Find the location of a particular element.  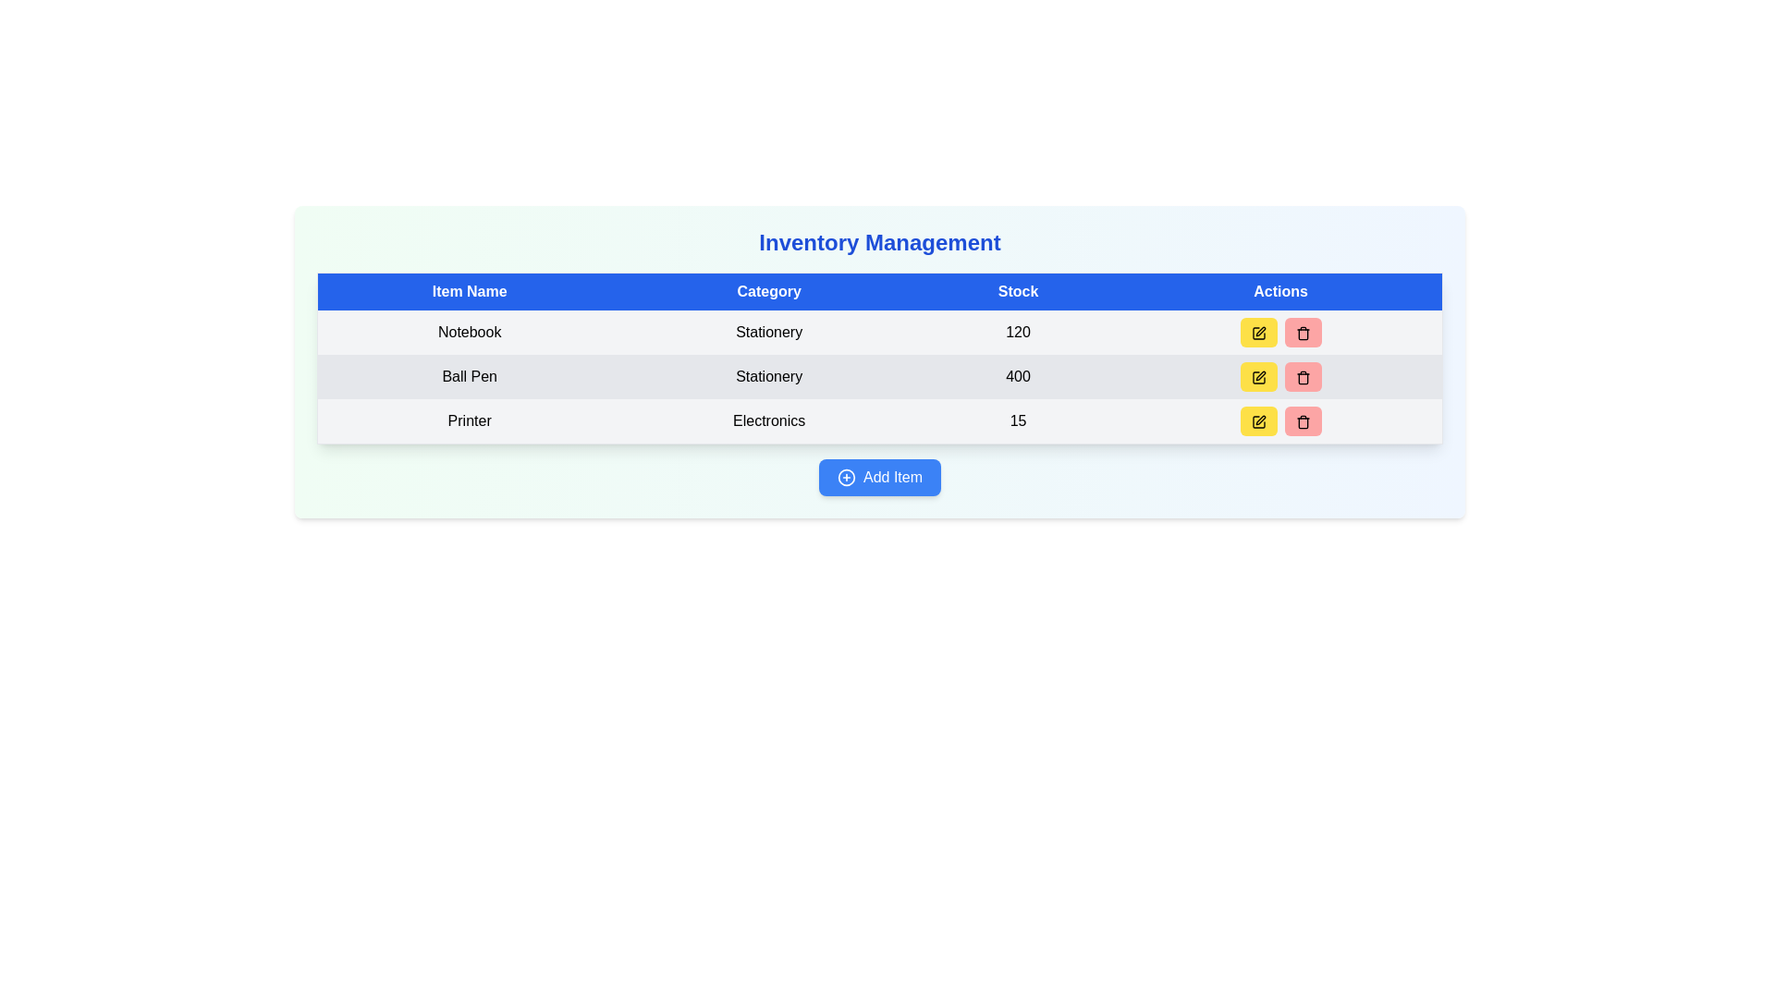

the yellow Edit button in the Actions section of the row corresponding to the 'Notebook' item is located at coordinates (1279, 331).